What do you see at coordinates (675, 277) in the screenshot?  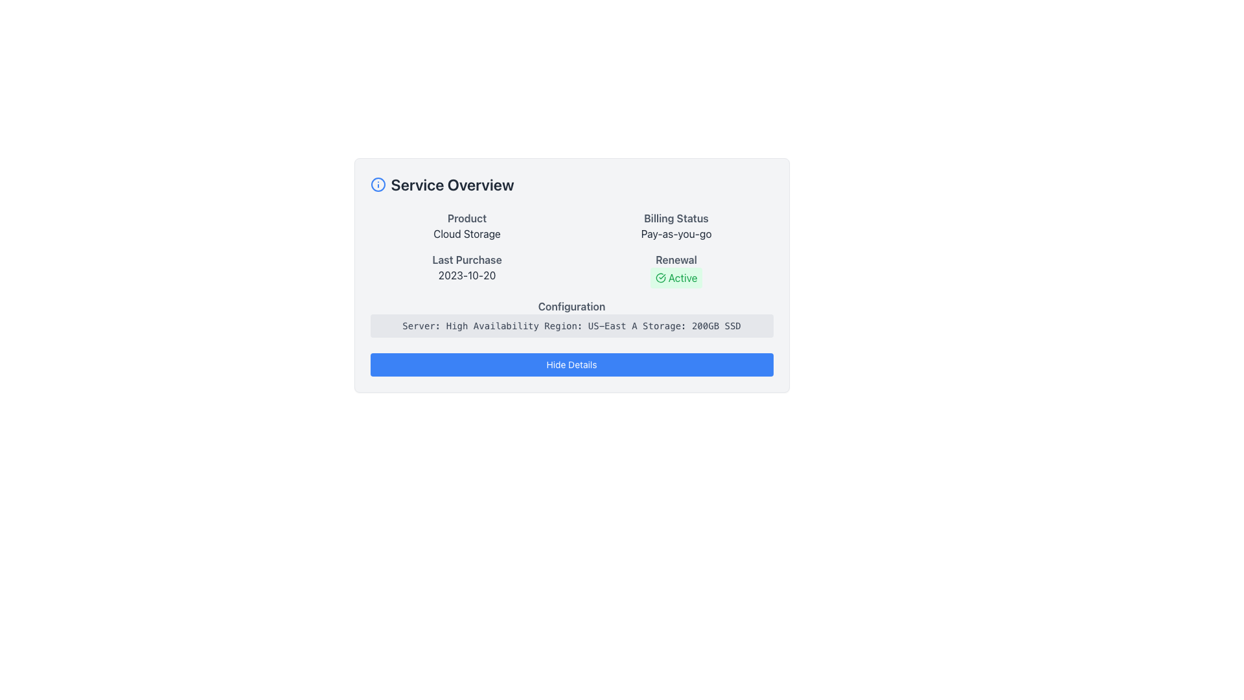 I see `the Status indicator with a light green background containing a green checkmark icon and the text 'Active', located to the right of the 'Renewal' label in the 'Service Overview' section` at bounding box center [675, 277].